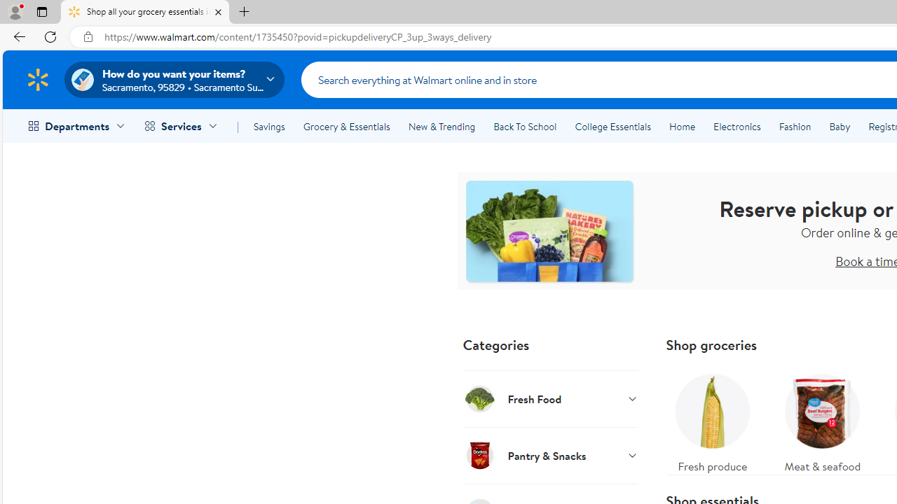 This screenshot has height=504, width=897. Describe the element at coordinates (549, 455) in the screenshot. I see `'Pantry & Snacks'` at that location.